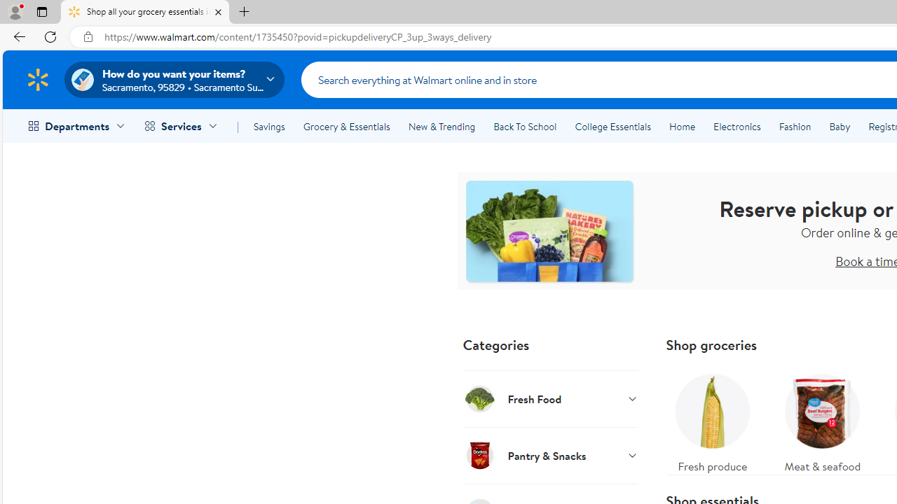 This screenshot has height=504, width=897. Describe the element at coordinates (549, 455) in the screenshot. I see `'Pantry & Snacks'` at that location.